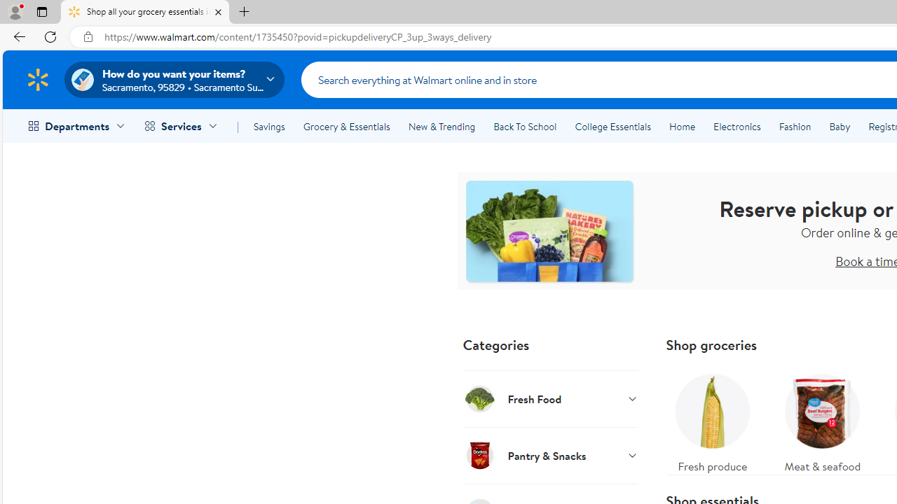 This screenshot has height=504, width=897. Describe the element at coordinates (549, 455) in the screenshot. I see `'Pantry & Snacks'` at that location.